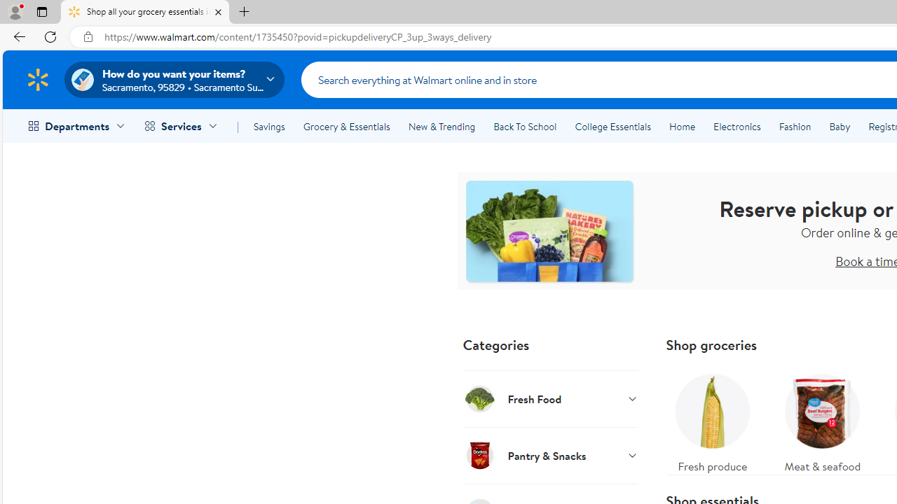 This screenshot has height=504, width=897. Describe the element at coordinates (549, 455) in the screenshot. I see `'Pantry & Snacks'` at that location.